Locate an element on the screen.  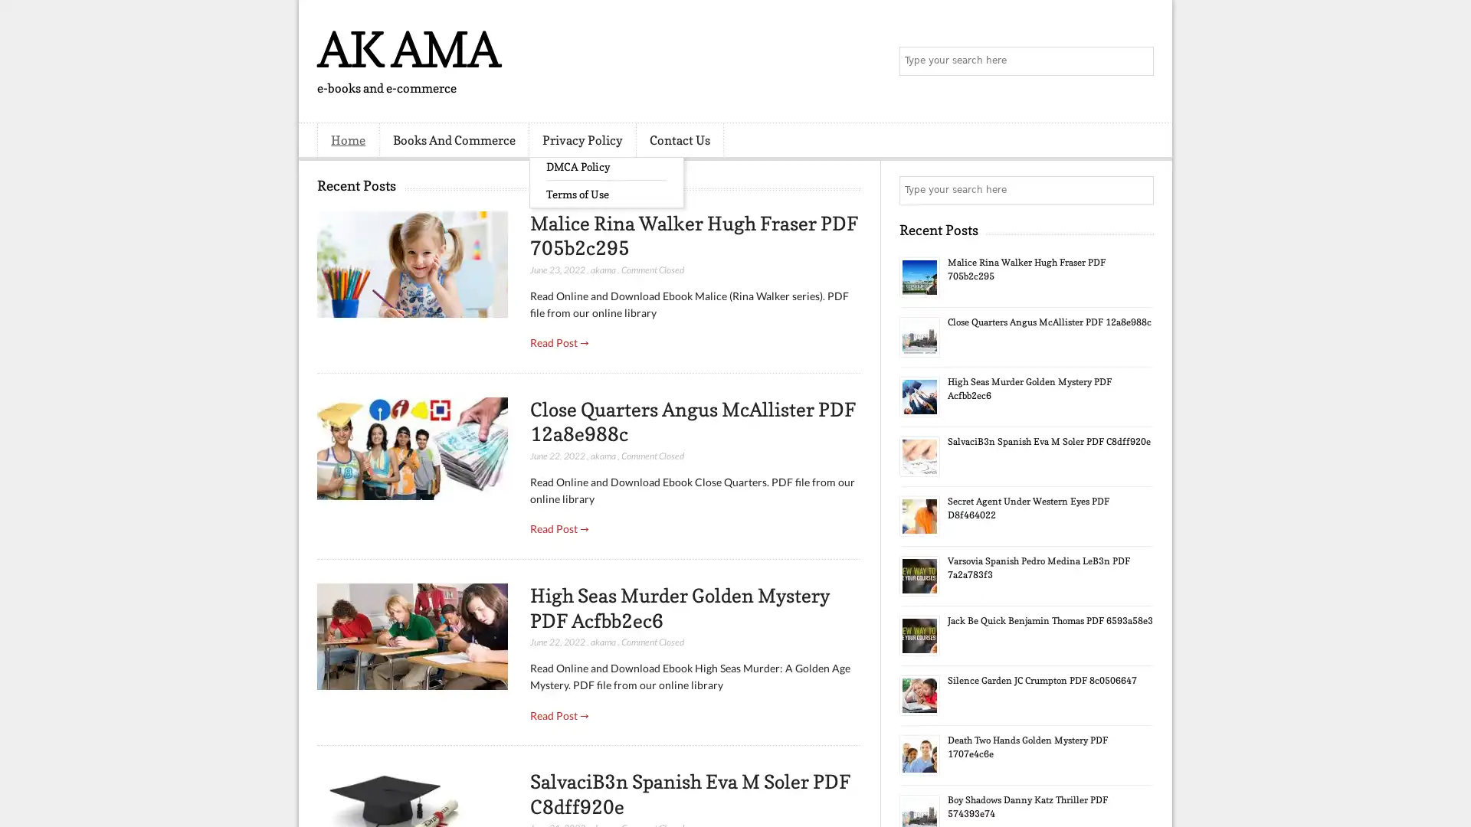
Search is located at coordinates (1138, 190).